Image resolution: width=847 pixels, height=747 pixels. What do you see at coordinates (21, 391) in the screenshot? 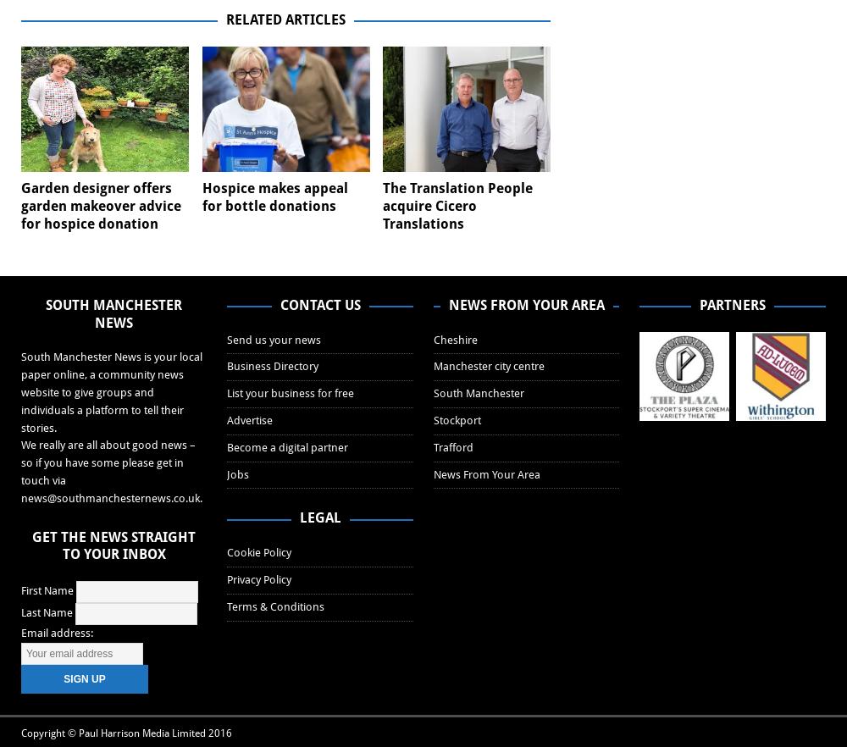
I see `'South Manchester News is your local paper online, a community news website to give groups and individuals a platform to tell their stories.'` at bounding box center [21, 391].